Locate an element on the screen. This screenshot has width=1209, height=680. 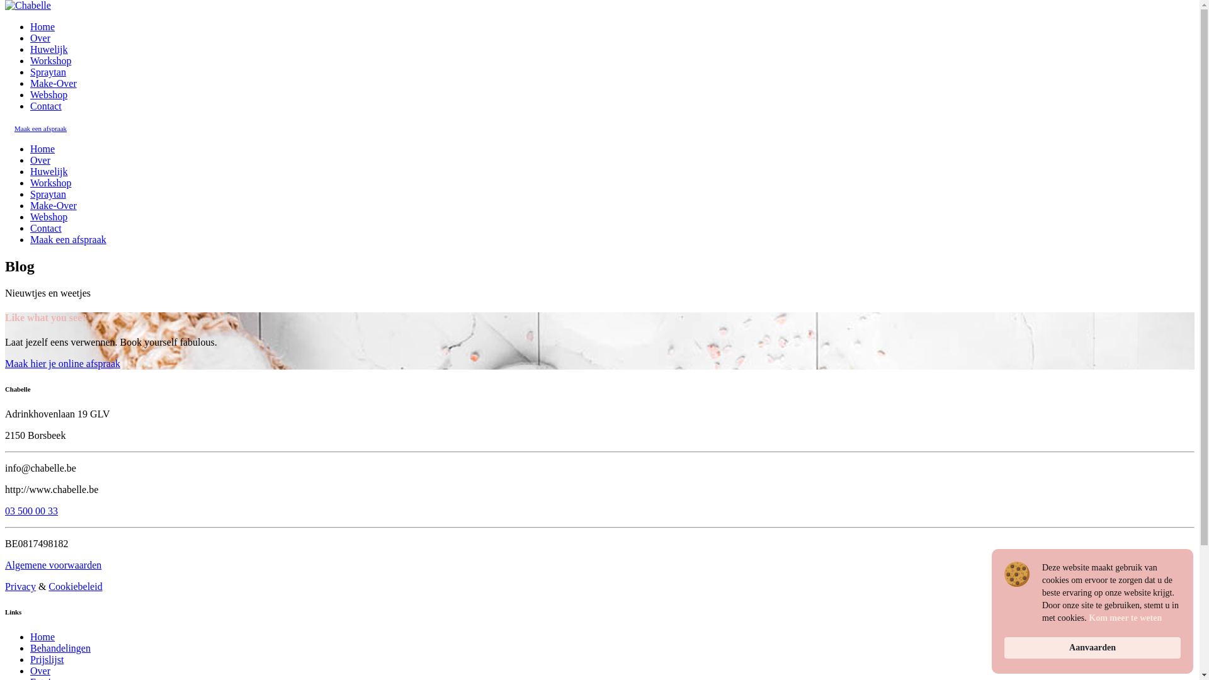
'Cookiebeleid' is located at coordinates (48, 586).